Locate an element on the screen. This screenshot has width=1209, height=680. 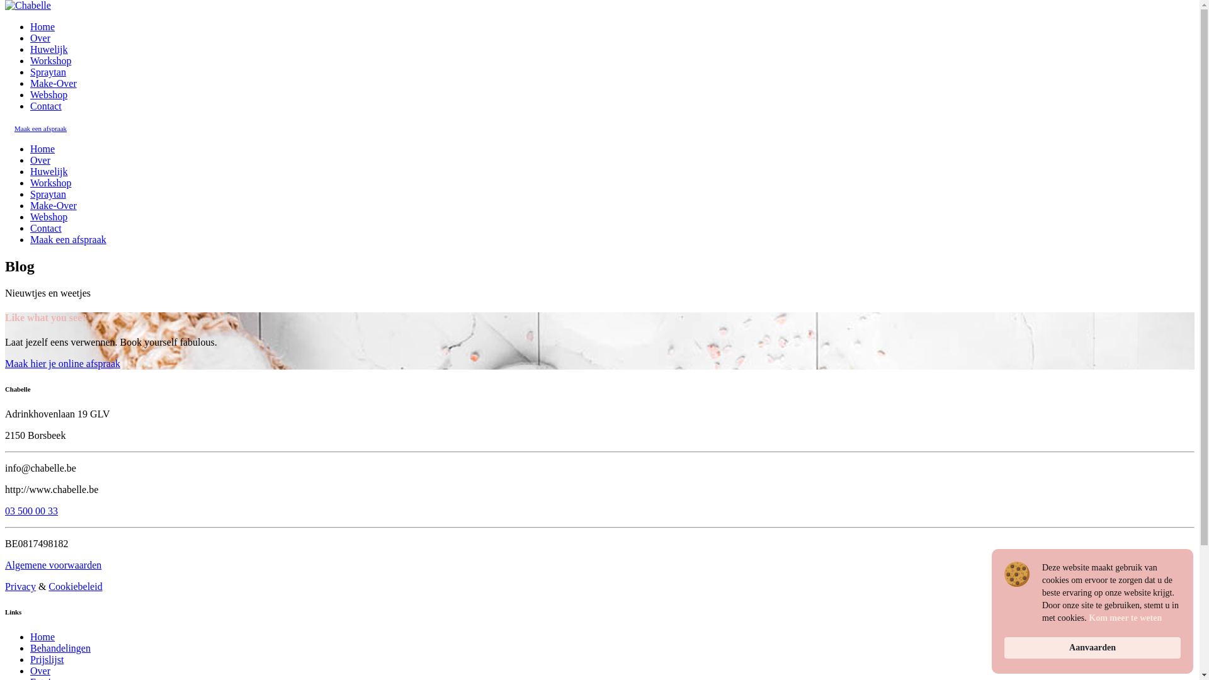
'Cookiebeleid' is located at coordinates (48, 586).